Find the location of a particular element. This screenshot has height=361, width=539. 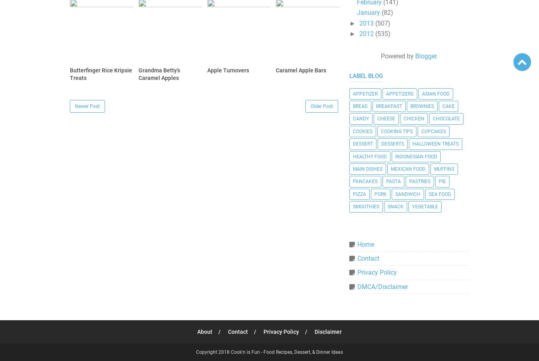

'Powered by' is located at coordinates (397, 55).